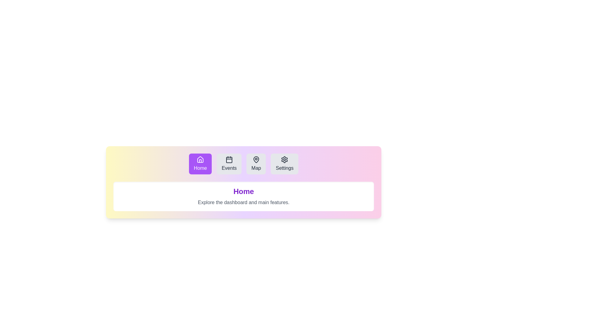  Describe the element at coordinates (256, 164) in the screenshot. I see `the Map tab to observe its hover effect` at that location.